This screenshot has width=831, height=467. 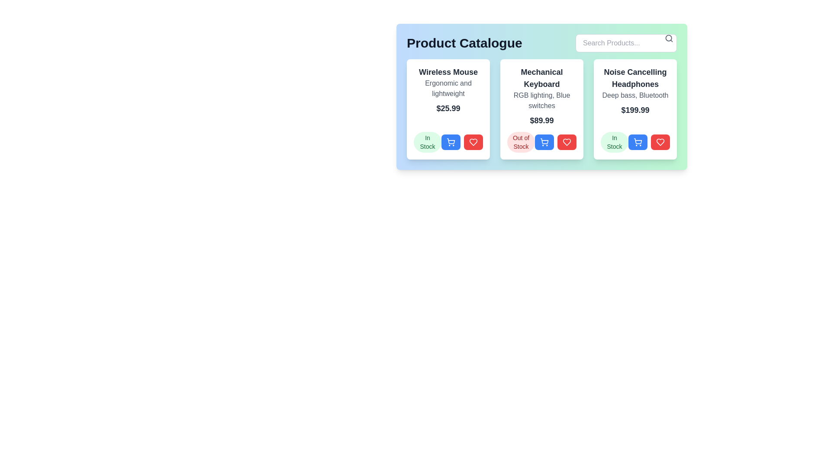 I want to click on the Status Badge indicating the availability of the product 'Noise Cancelling Headphones' in the bottom-left section of the product card to get stock status information, so click(x=614, y=141).